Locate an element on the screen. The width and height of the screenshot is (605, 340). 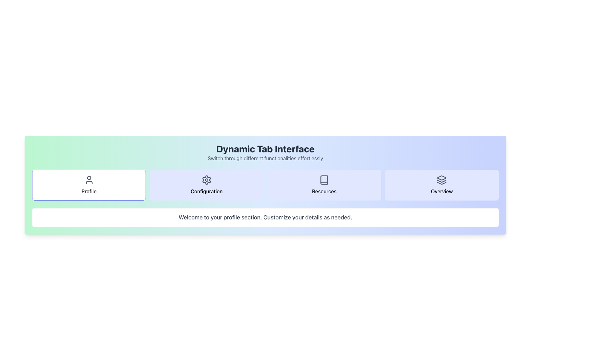
the middle layer of the layered icon represented as a horizontal gray line within the 'Overview' tab is located at coordinates (441, 181).